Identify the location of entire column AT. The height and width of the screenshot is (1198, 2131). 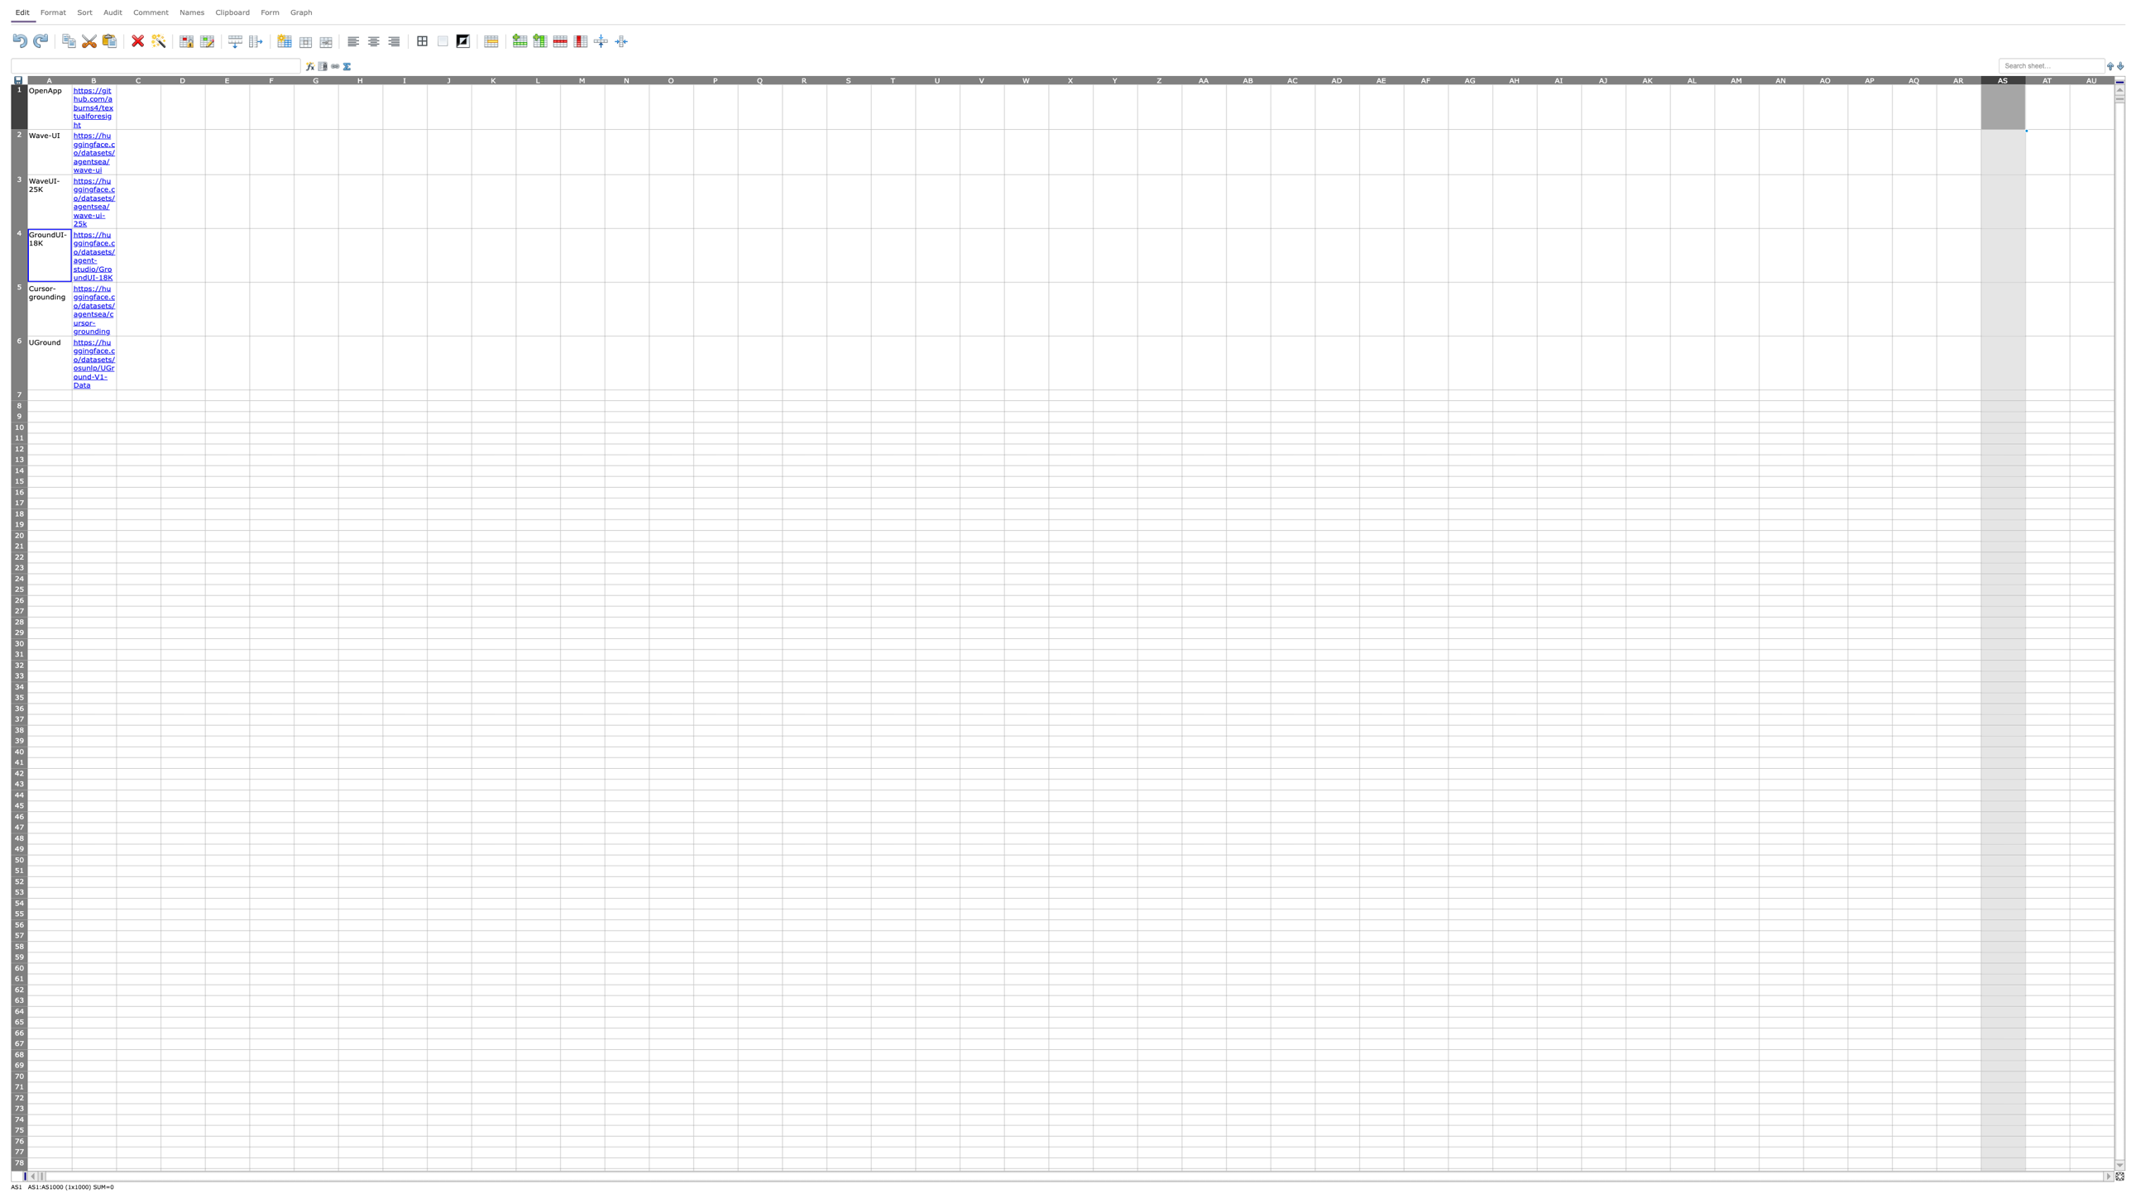
(2047, 79).